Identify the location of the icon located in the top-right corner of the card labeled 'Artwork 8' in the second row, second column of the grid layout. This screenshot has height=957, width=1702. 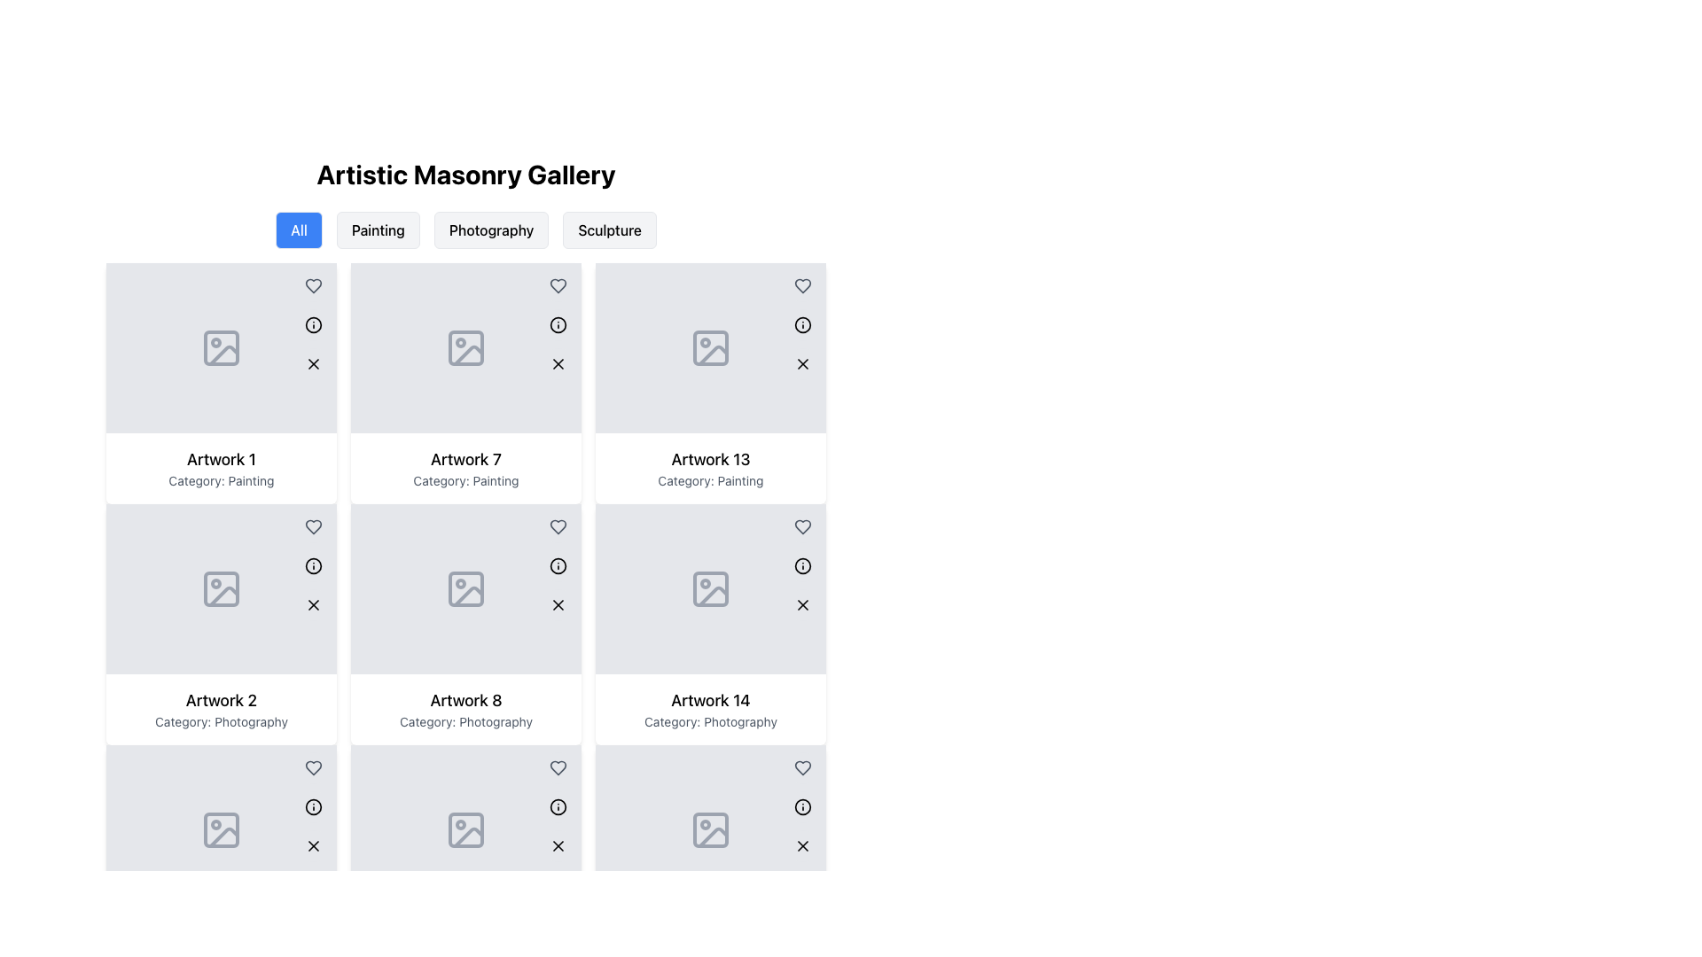
(557, 566).